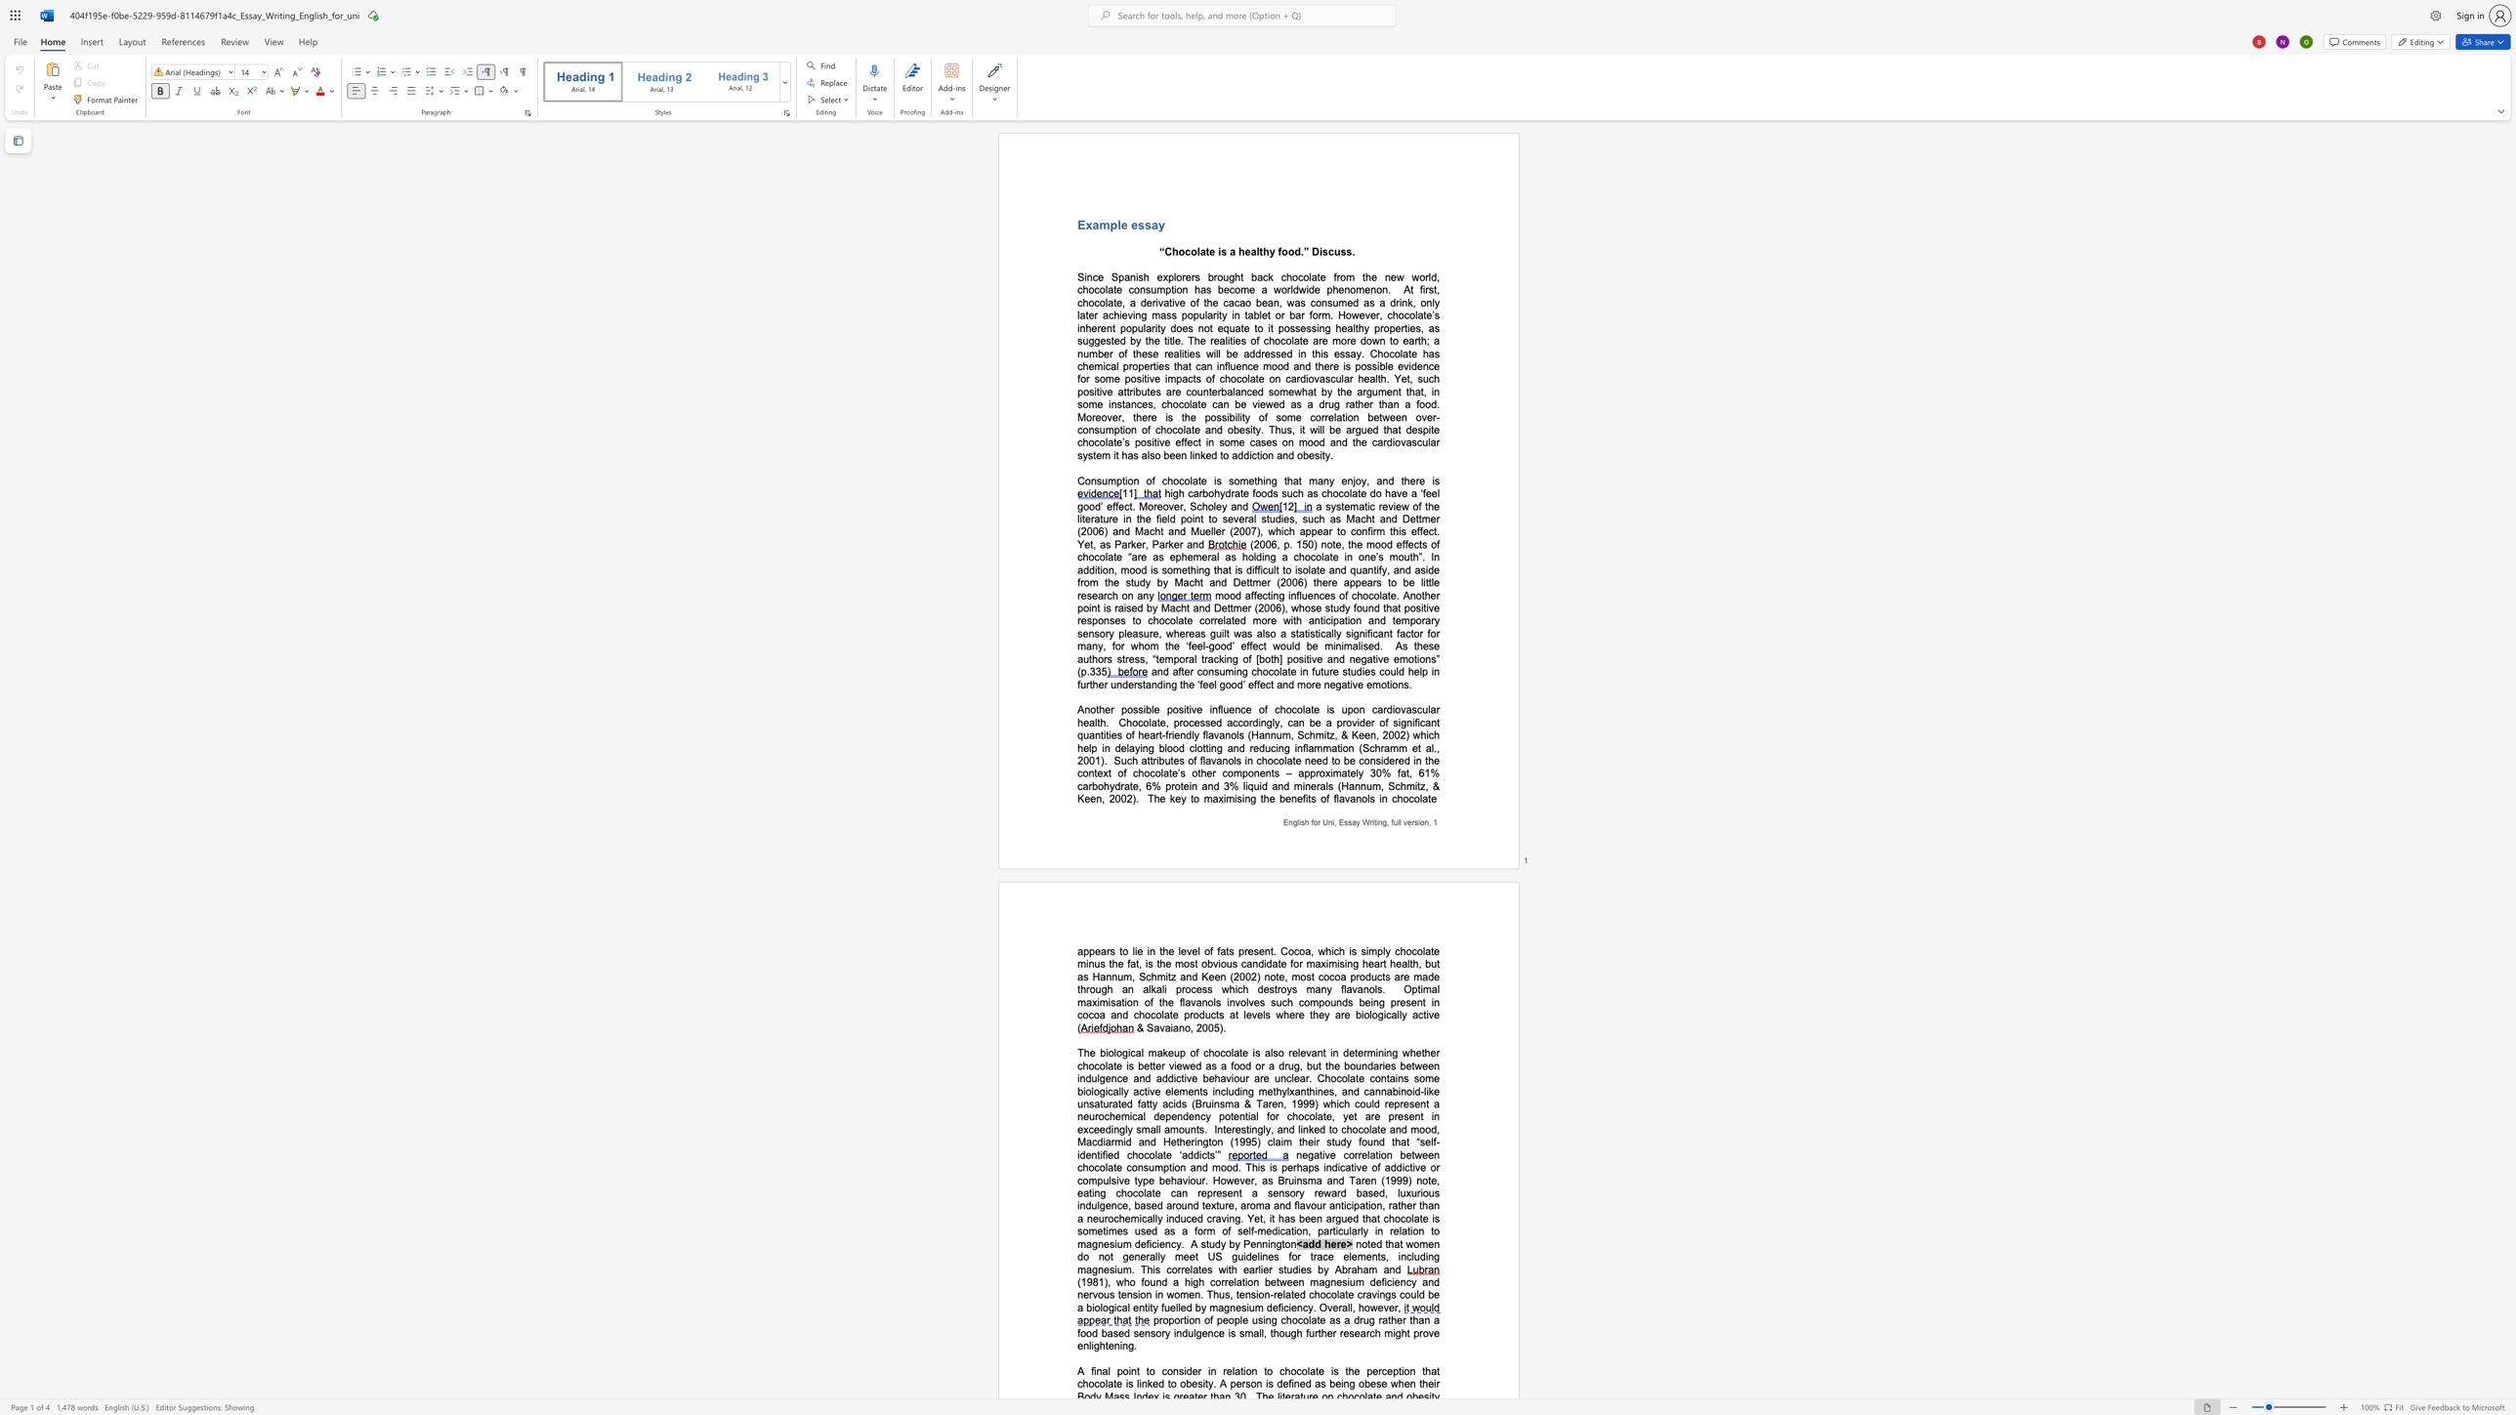  I want to click on the subset text "de" within the text "determining", so click(1343, 1052).